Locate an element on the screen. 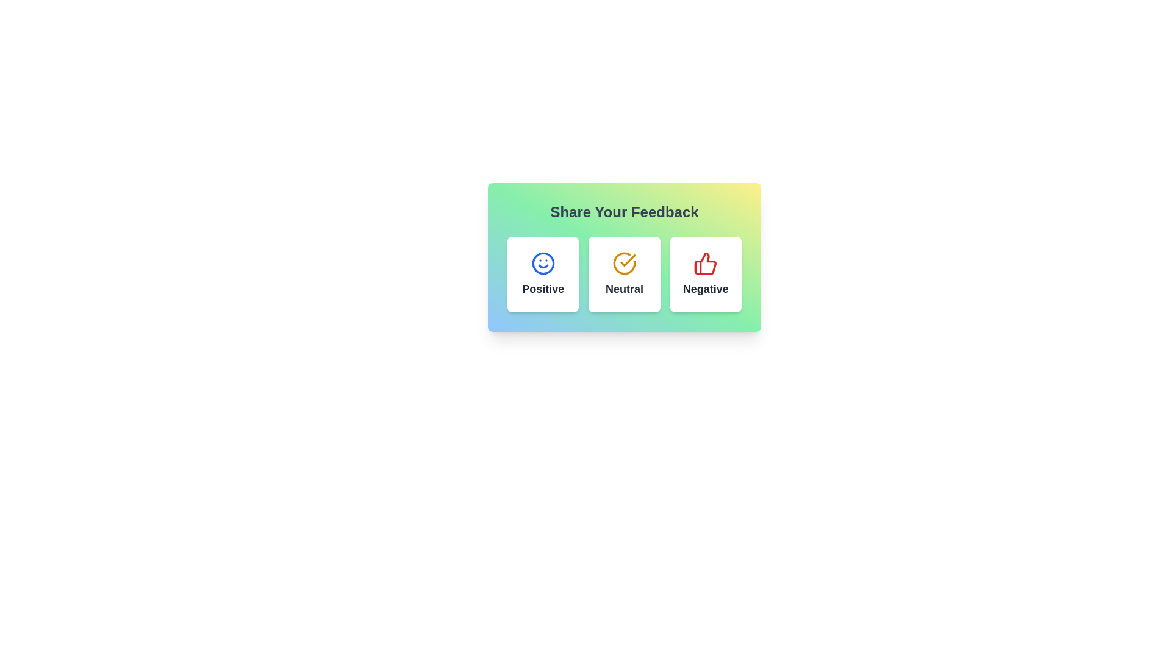 This screenshot has width=1171, height=659. the 'Positive' feedback icon, which is centrally positioned in the 'Positive' feedback options, the first of three options arranged horizontally is located at coordinates (542, 263).